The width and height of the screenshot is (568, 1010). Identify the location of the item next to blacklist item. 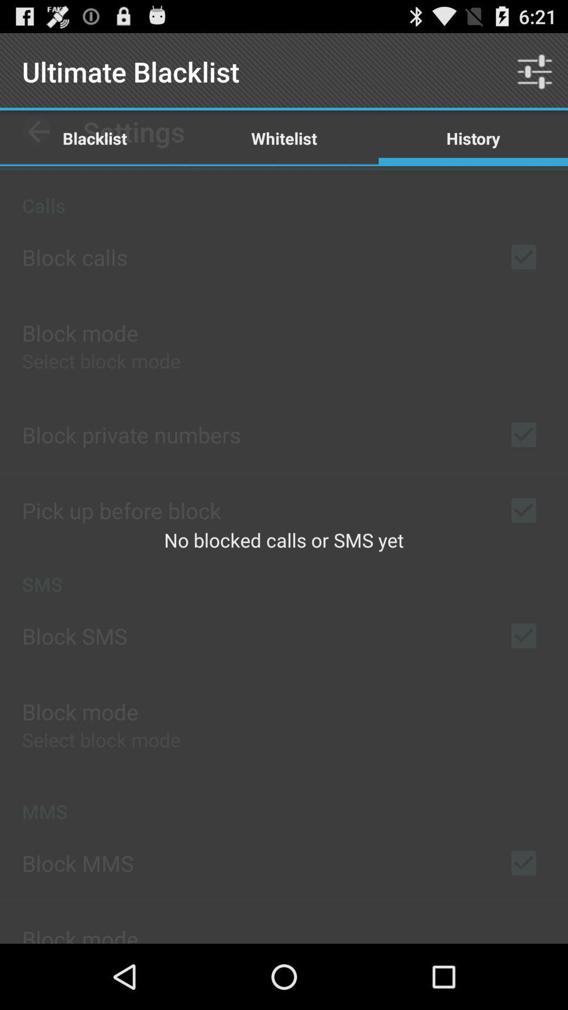
(284, 137).